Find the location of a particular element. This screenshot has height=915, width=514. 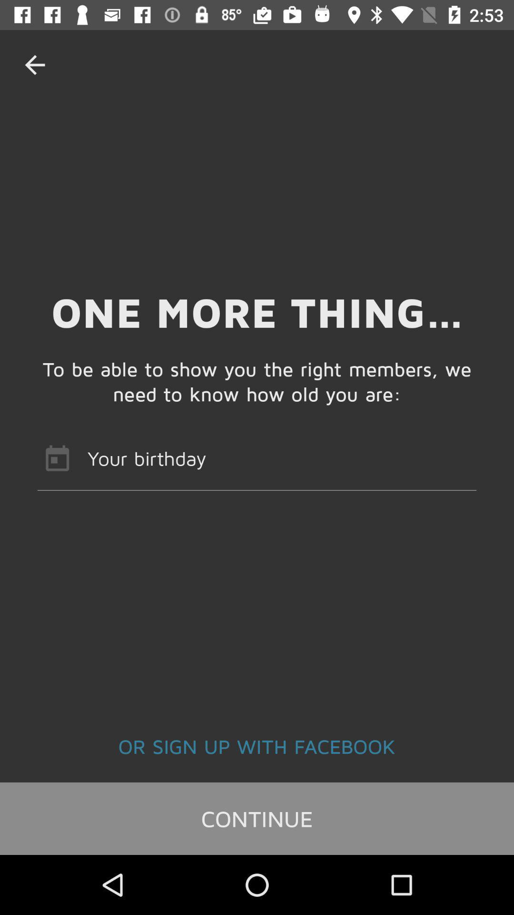

item above or sign up is located at coordinates (257, 458).